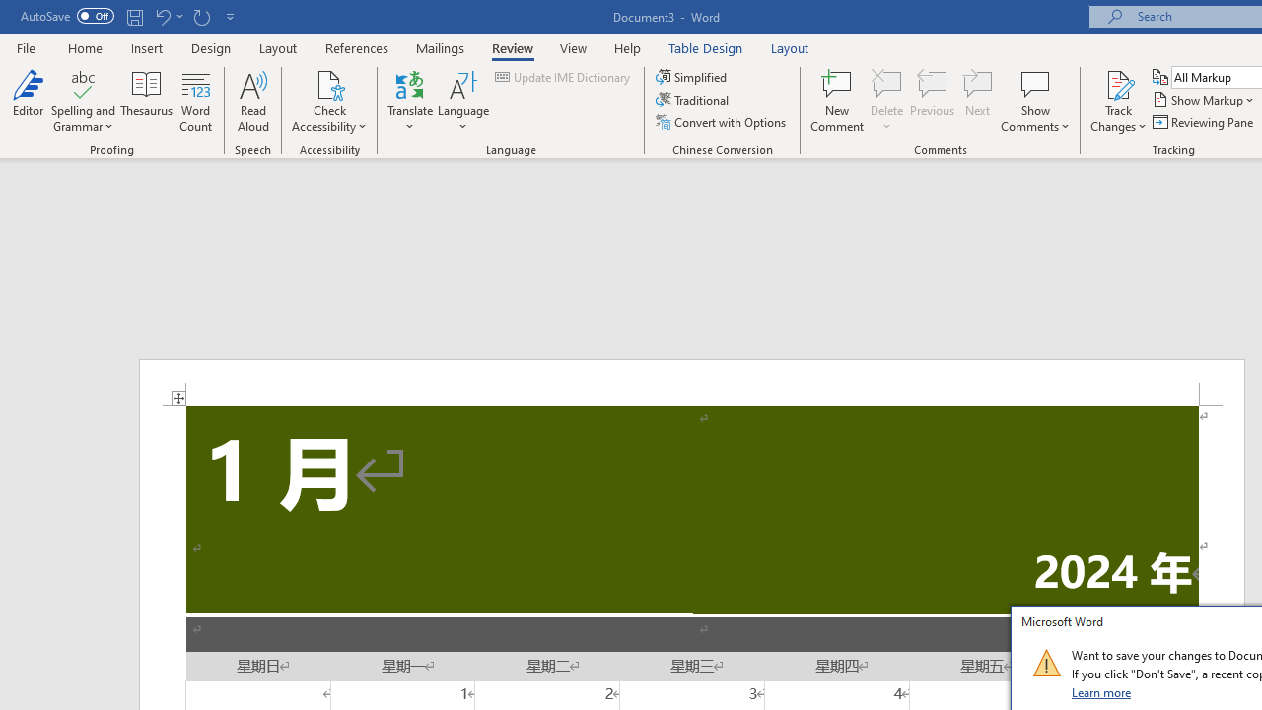  Describe the element at coordinates (692, 383) in the screenshot. I see `'Header -Section 1-'` at that location.